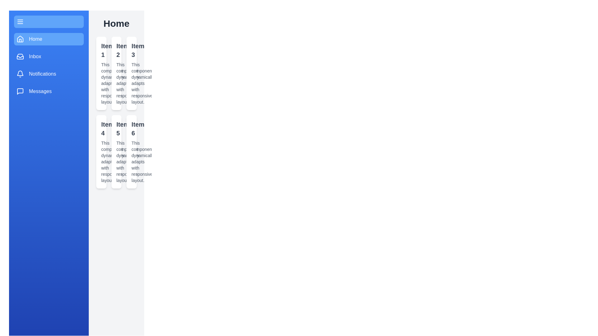 This screenshot has width=598, height=336. I want to click on the house icon located at the top of the vertical blue-themed sidebar, so click(20, 39).